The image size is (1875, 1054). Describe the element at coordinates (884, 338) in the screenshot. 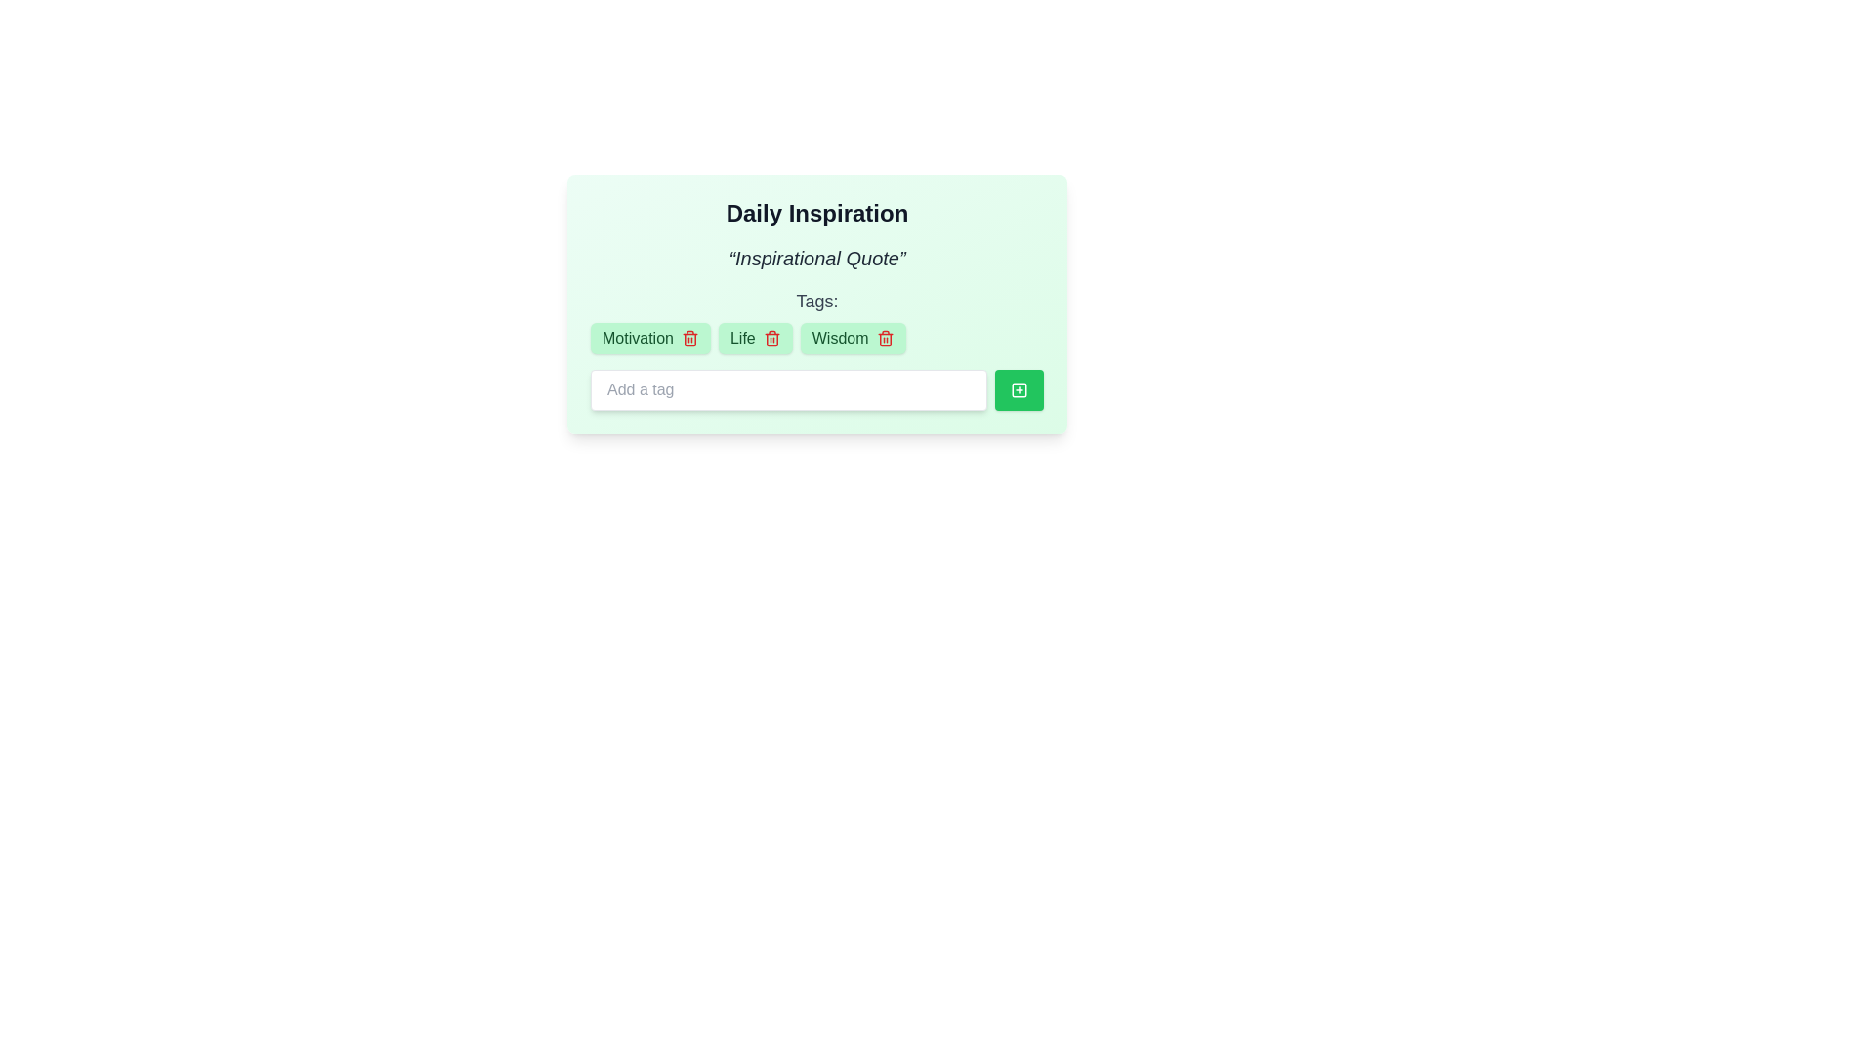

I see `the trash icon button styled in red, which is located within the green 'Wisdom' tag` at that location.